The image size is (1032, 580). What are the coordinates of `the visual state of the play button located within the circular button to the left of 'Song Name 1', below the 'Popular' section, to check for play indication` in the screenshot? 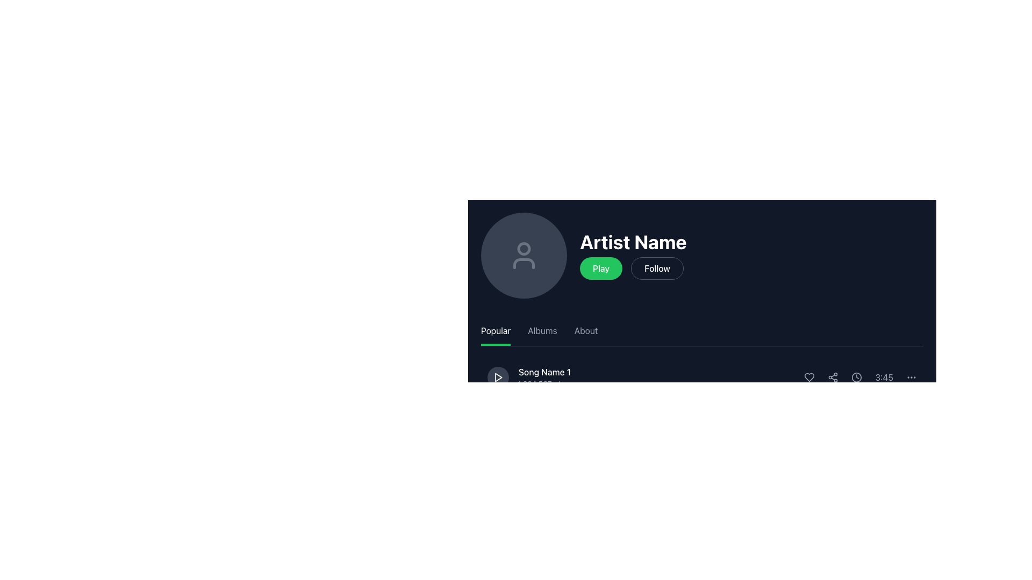 It's located at (497, 376).